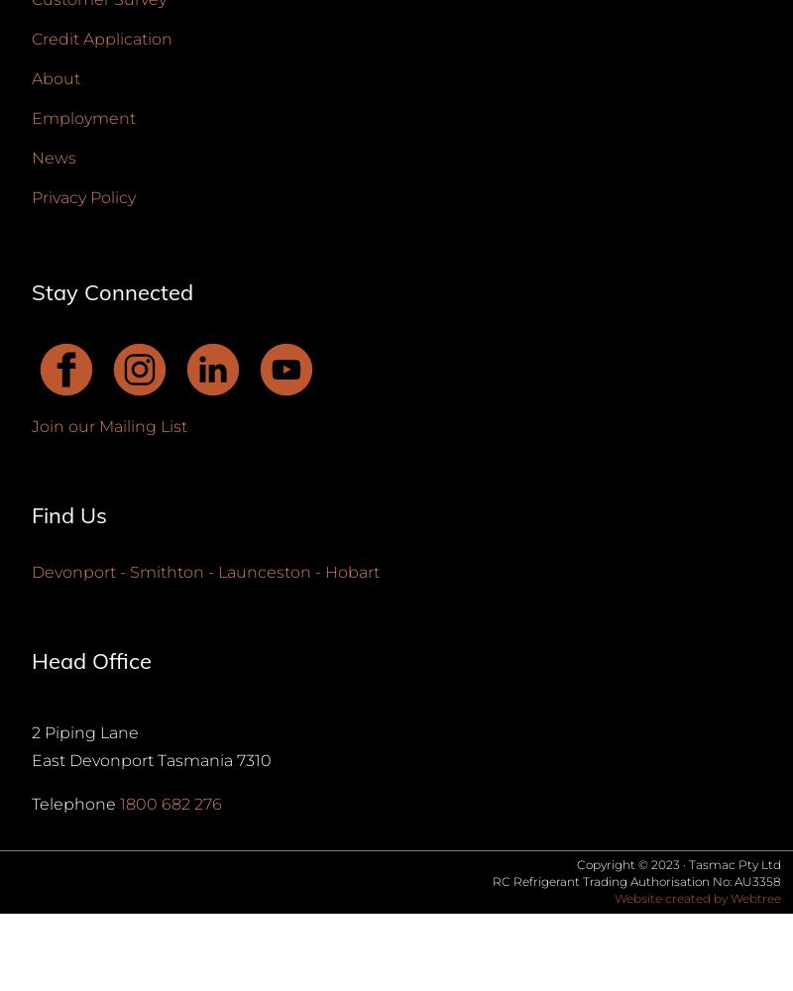 This screenshot has height=991, width=793. I want to click on 'Website created by Webtree', so click(697, 897).